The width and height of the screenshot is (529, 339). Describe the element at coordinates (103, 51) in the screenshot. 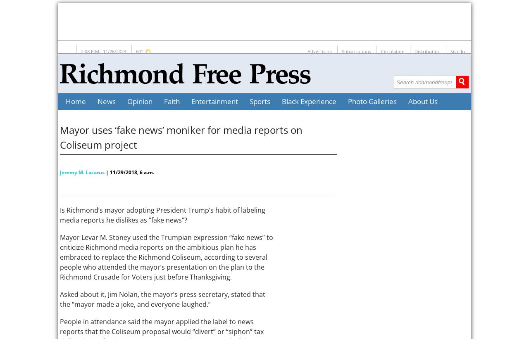

I see `'2:08 p.m., 11/26/2023'` at that location.